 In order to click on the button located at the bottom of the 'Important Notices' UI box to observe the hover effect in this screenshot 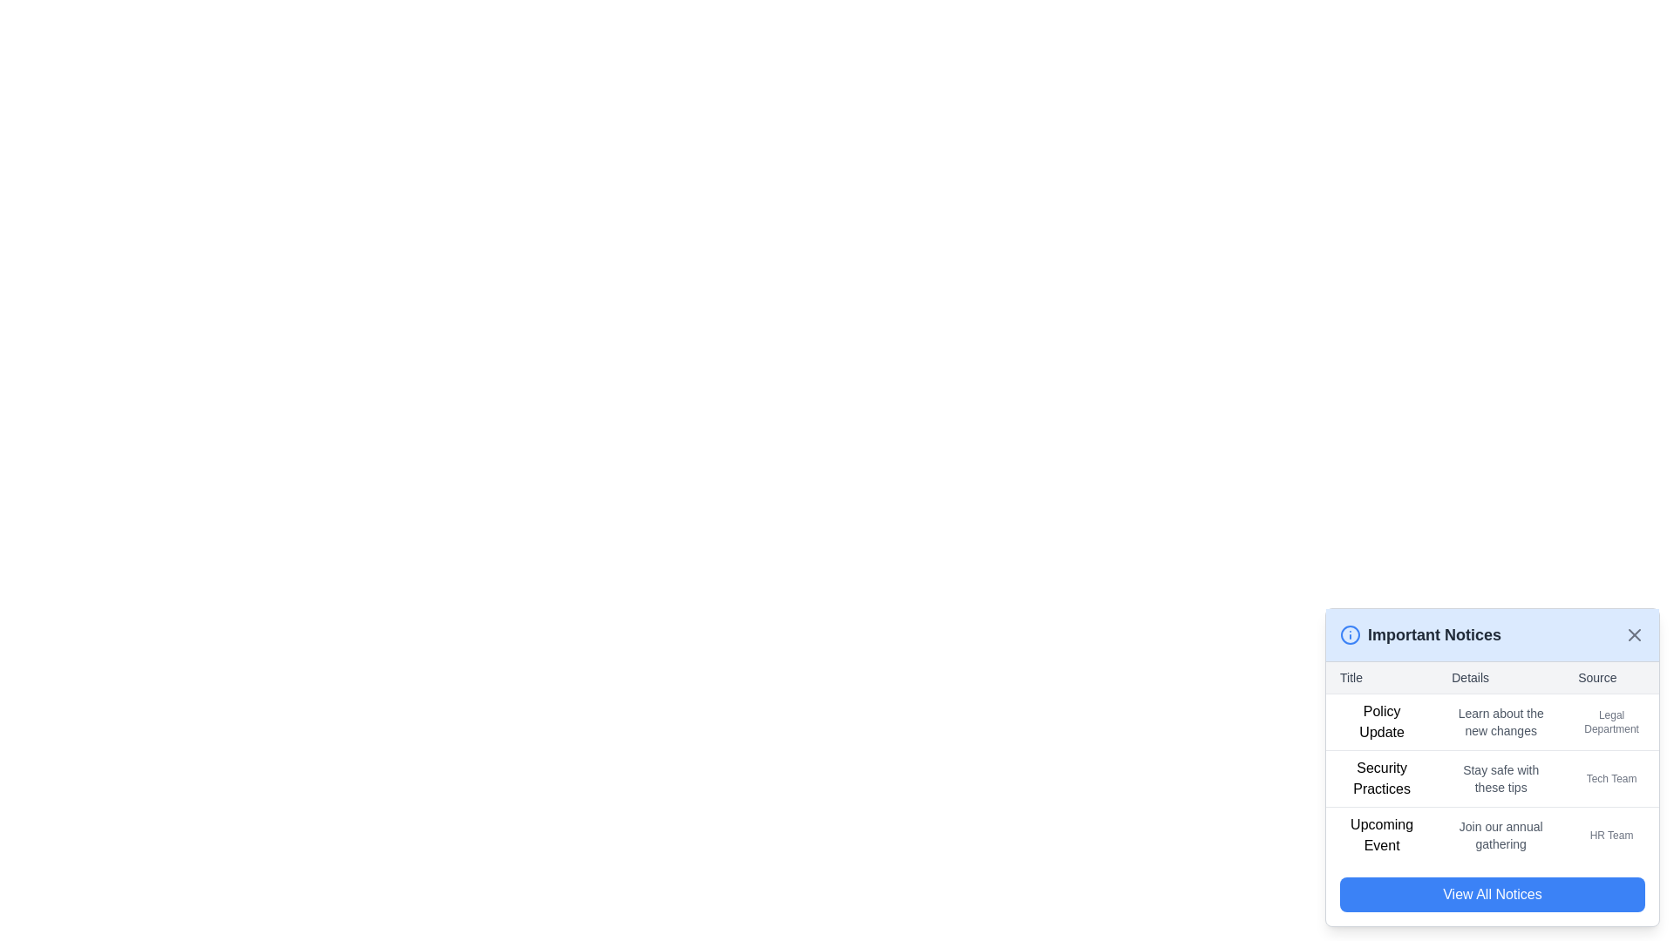, I will do `click(1492, 894)`.